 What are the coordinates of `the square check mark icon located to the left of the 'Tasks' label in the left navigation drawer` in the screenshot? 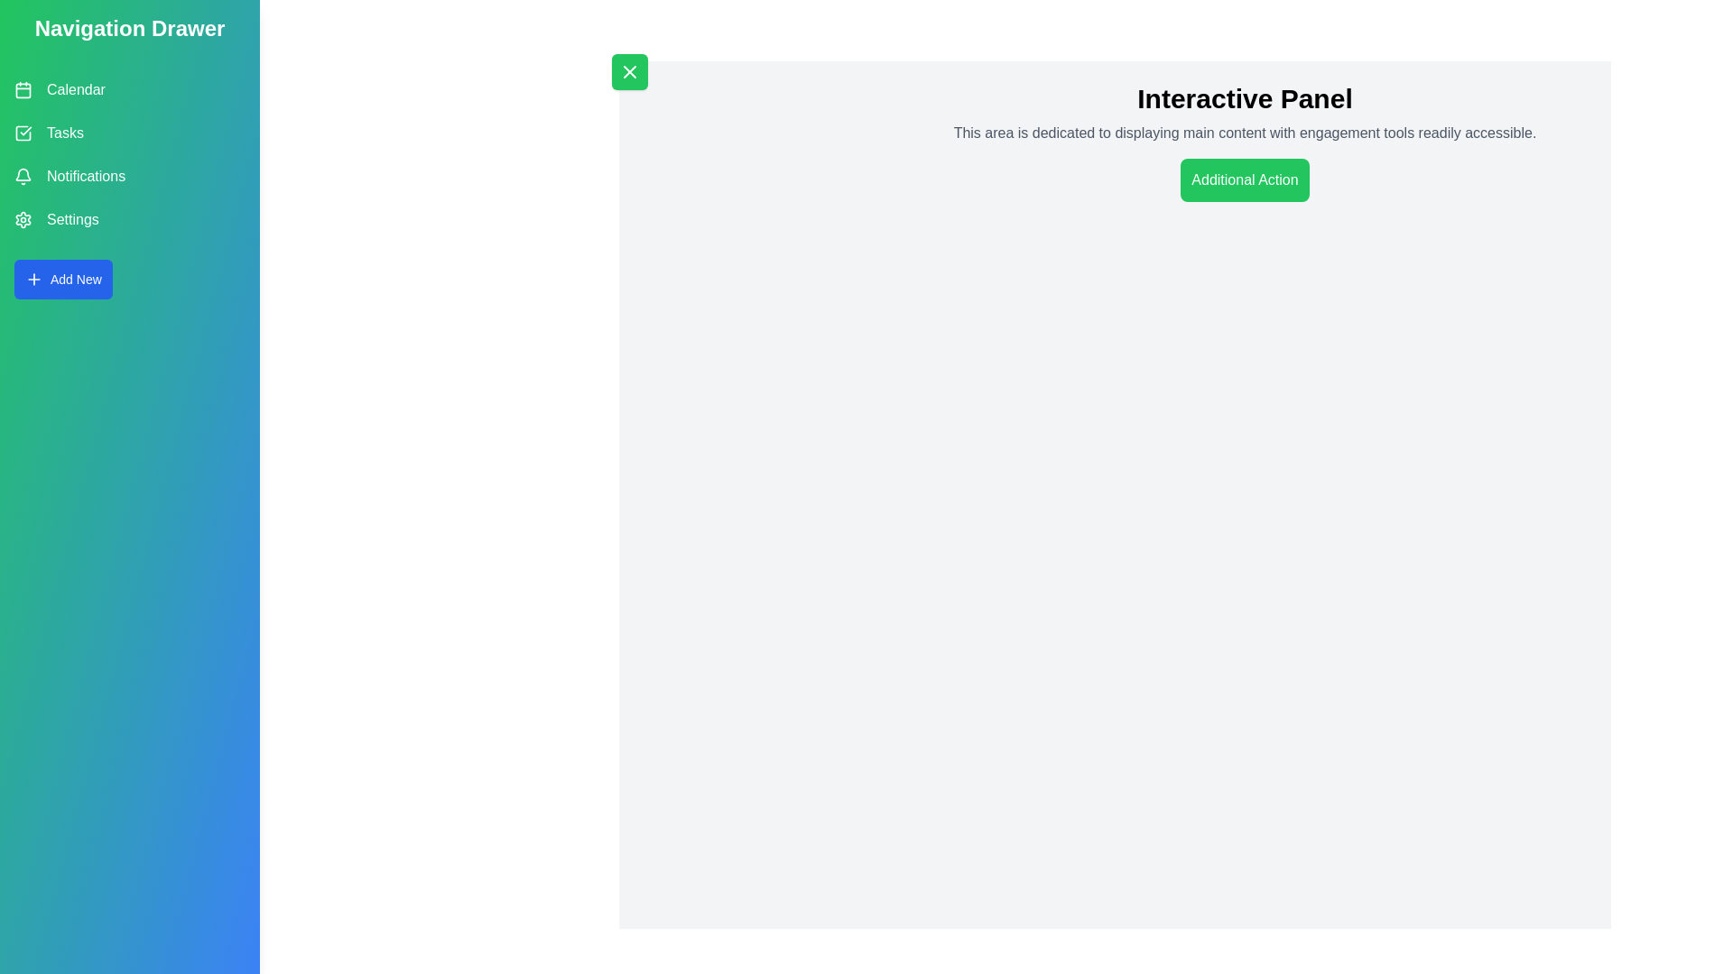 It's located at (23, 132).